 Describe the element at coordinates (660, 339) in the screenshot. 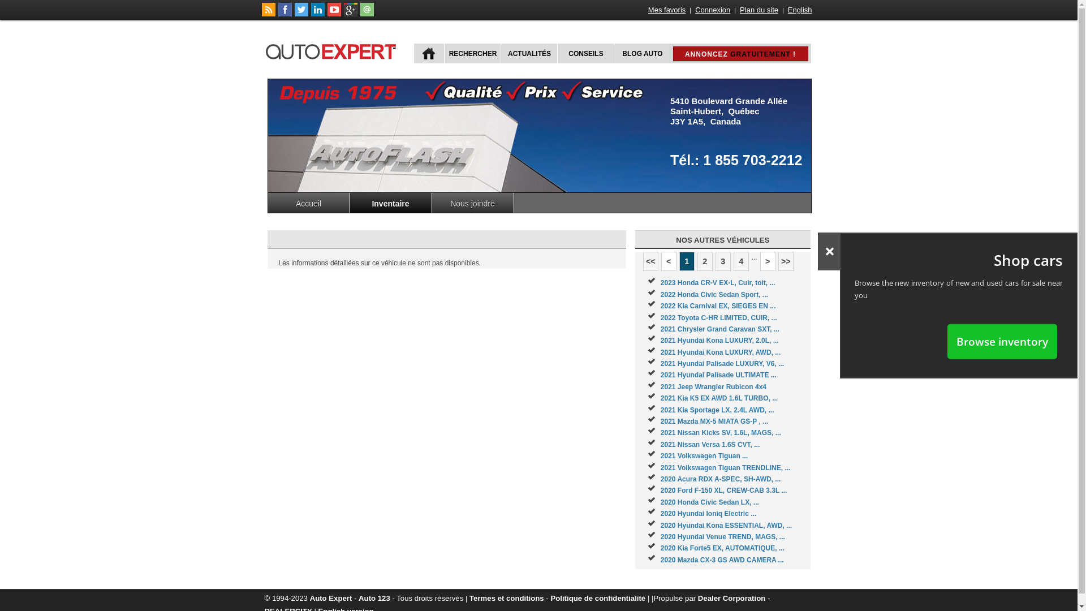

I see `'2021 Hyundai Kona LUXURY, 2.0L, ...'` at that location.